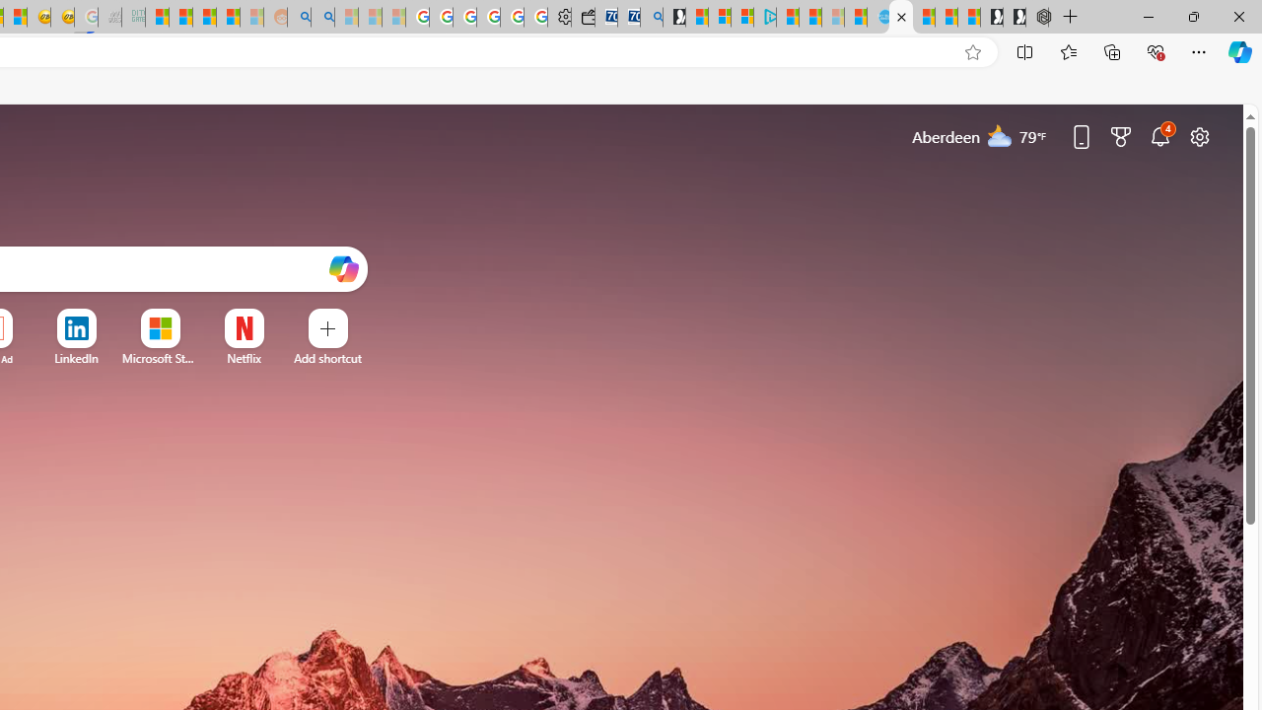 The height and width of the screenshot is (710, 1262). What do you see at coordinates (322, 17) in the screenshot?
I see `'Utah sues federal government - Search'` at bounding box center [322, 17].